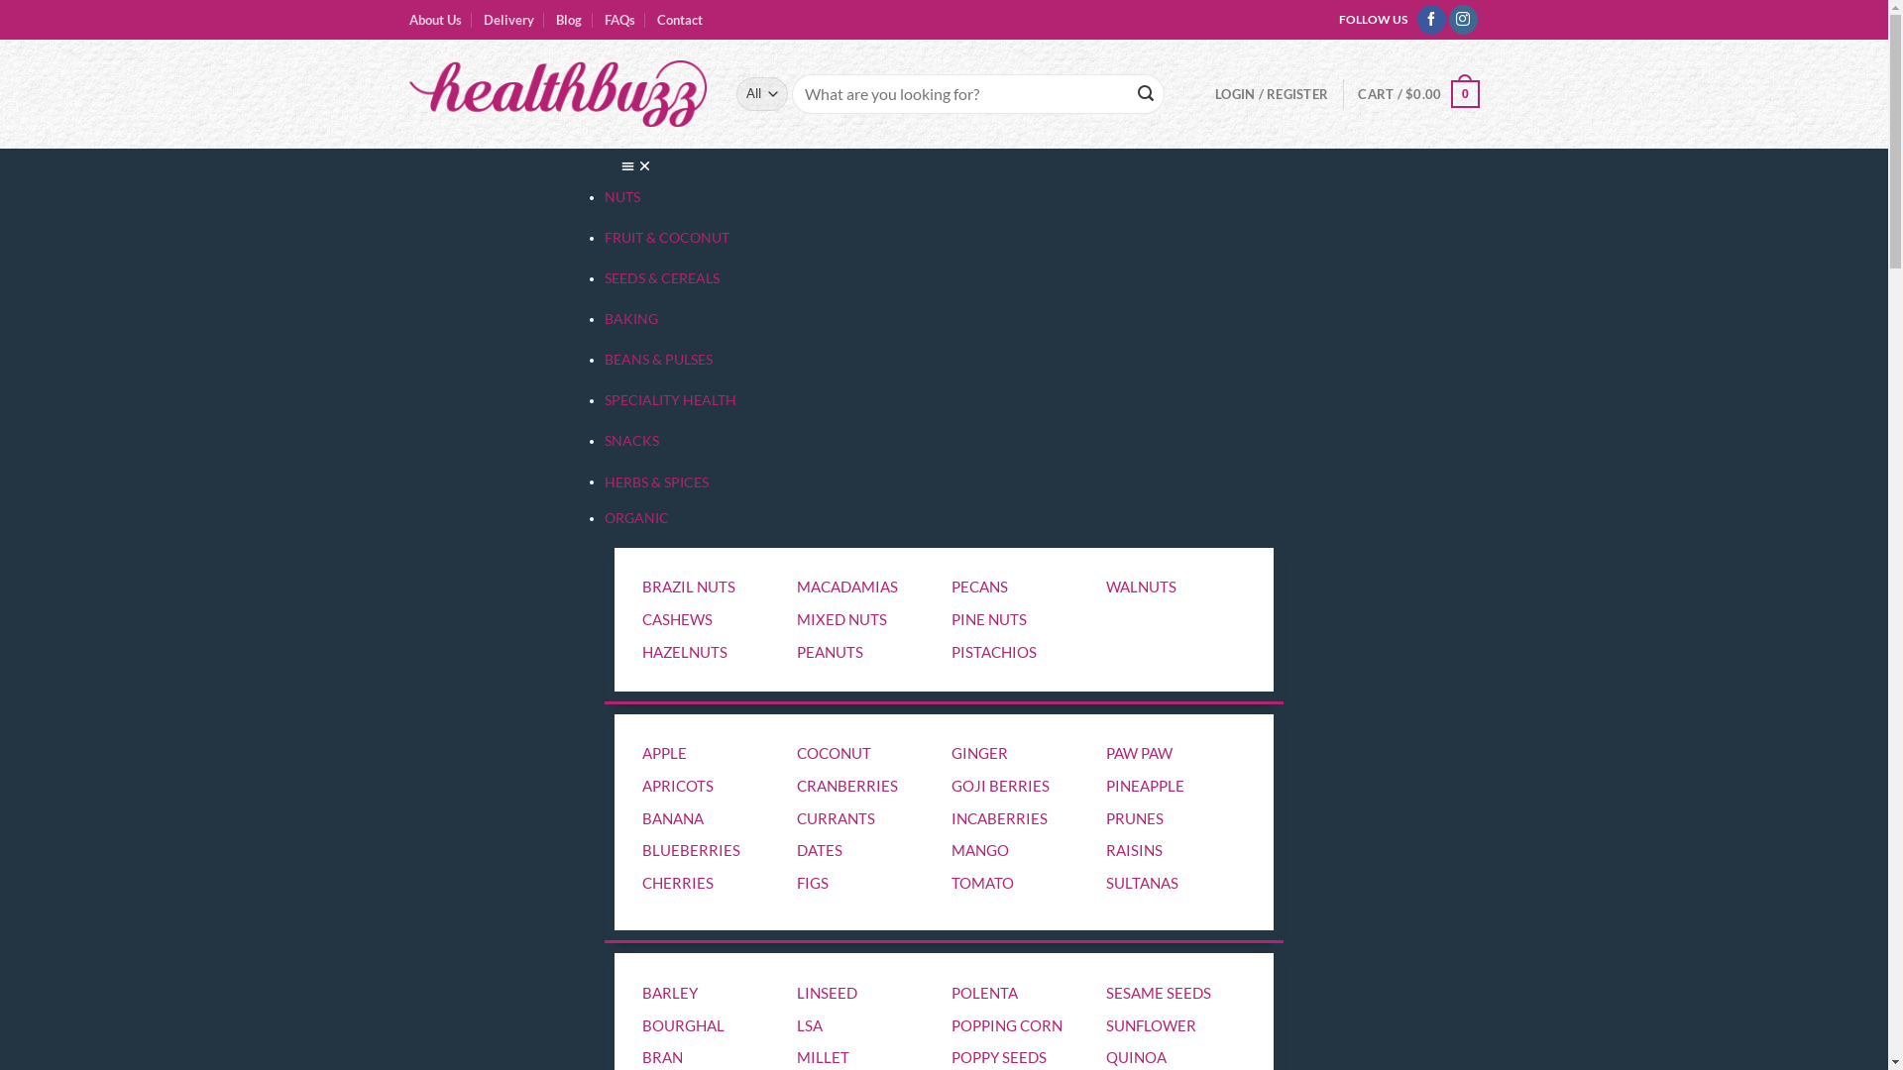 This screenshot has height=1070, width=1903. I want to click on 'MIXED NUTS', so click(797, 617).